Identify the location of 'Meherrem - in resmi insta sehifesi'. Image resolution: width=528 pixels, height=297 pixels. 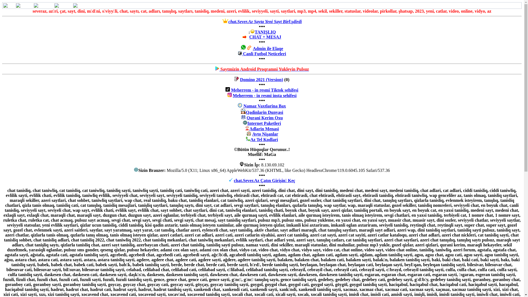
(233, 95).